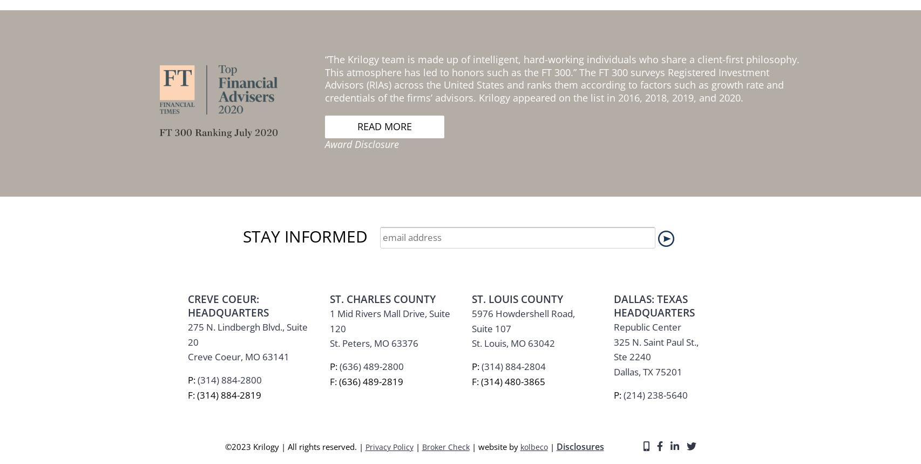 The width and height of the screenshot is (921, 464). I want to click on '©2023 Krilogy  |  All rights reserved.  |', so click(294, 162).